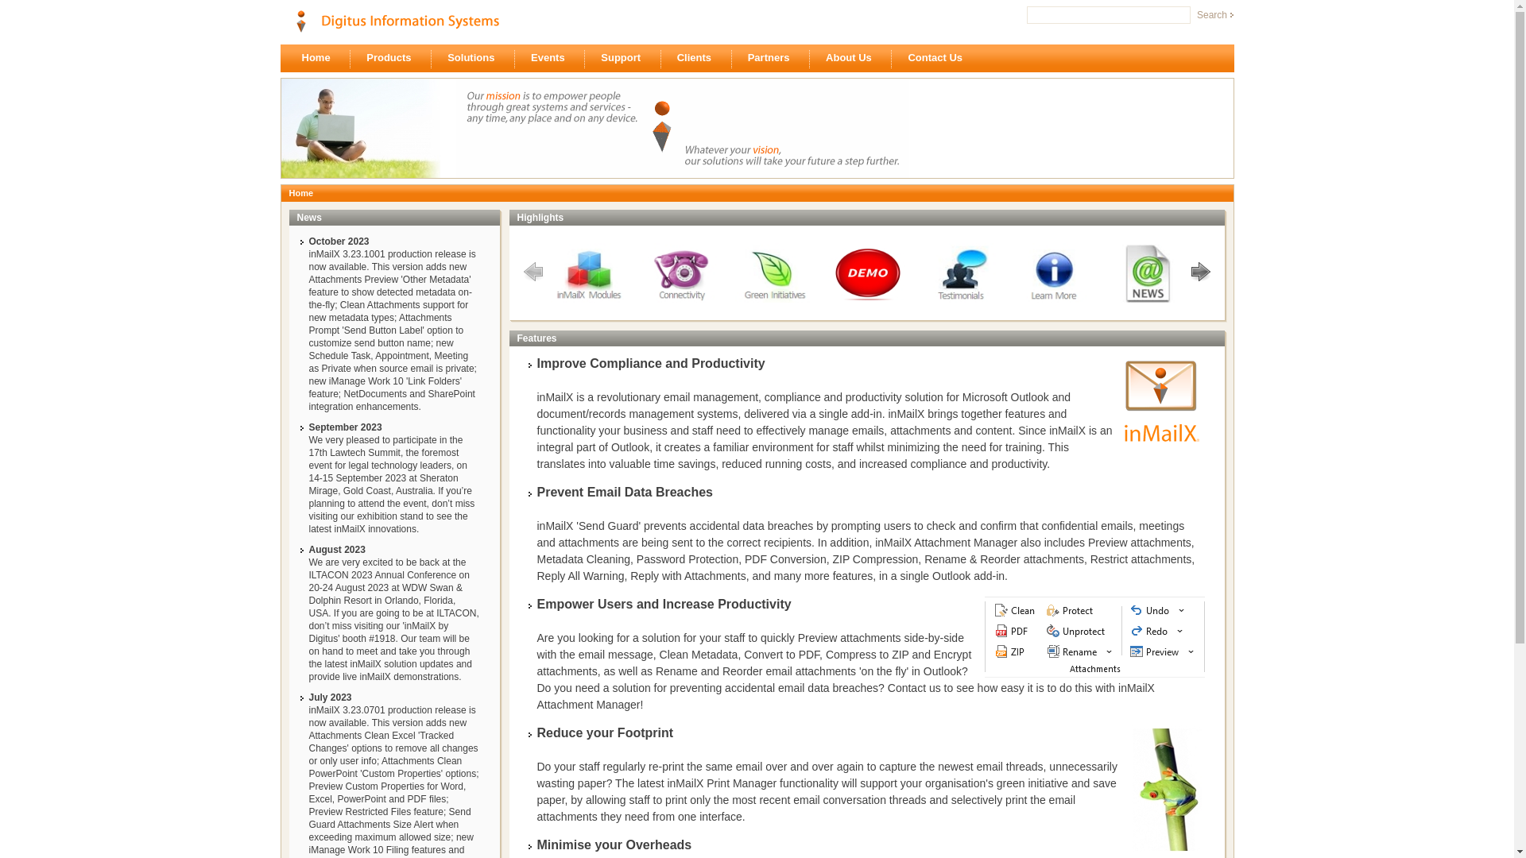 The height and width of the screenshot is (858, 1526). I want to click on 'October 2023', so click(338, 242).